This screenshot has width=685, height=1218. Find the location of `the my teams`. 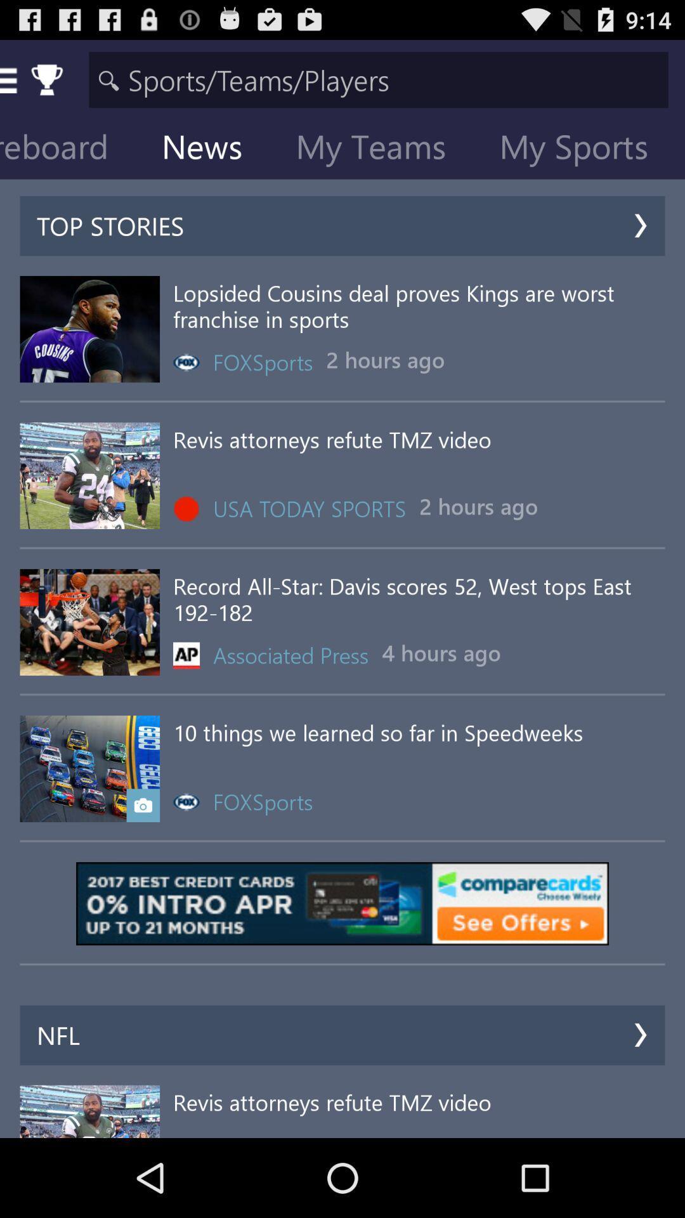

the my teams is located at coordinates (380, 149).